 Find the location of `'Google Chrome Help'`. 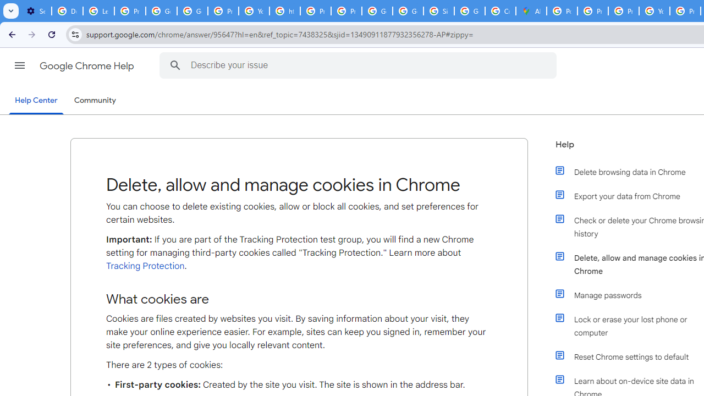

'Google Chrome Help' is located at coordinates (88, 65).